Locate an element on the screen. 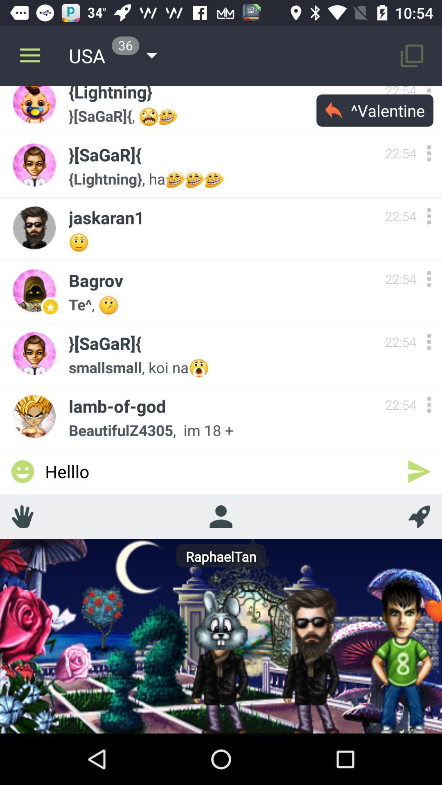 This screenshot has height=785, width=442. open emoji menu is located at coordinates (22, 471).